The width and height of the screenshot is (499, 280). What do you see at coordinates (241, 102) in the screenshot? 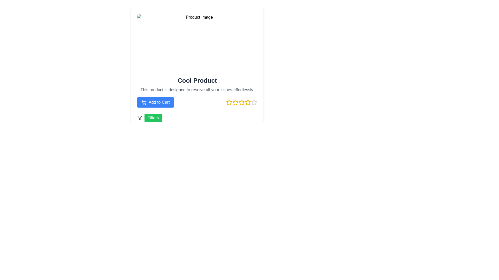
I see `the third star icon in the sequence of five star icons to rate the product` at bounding box center [241, 102].